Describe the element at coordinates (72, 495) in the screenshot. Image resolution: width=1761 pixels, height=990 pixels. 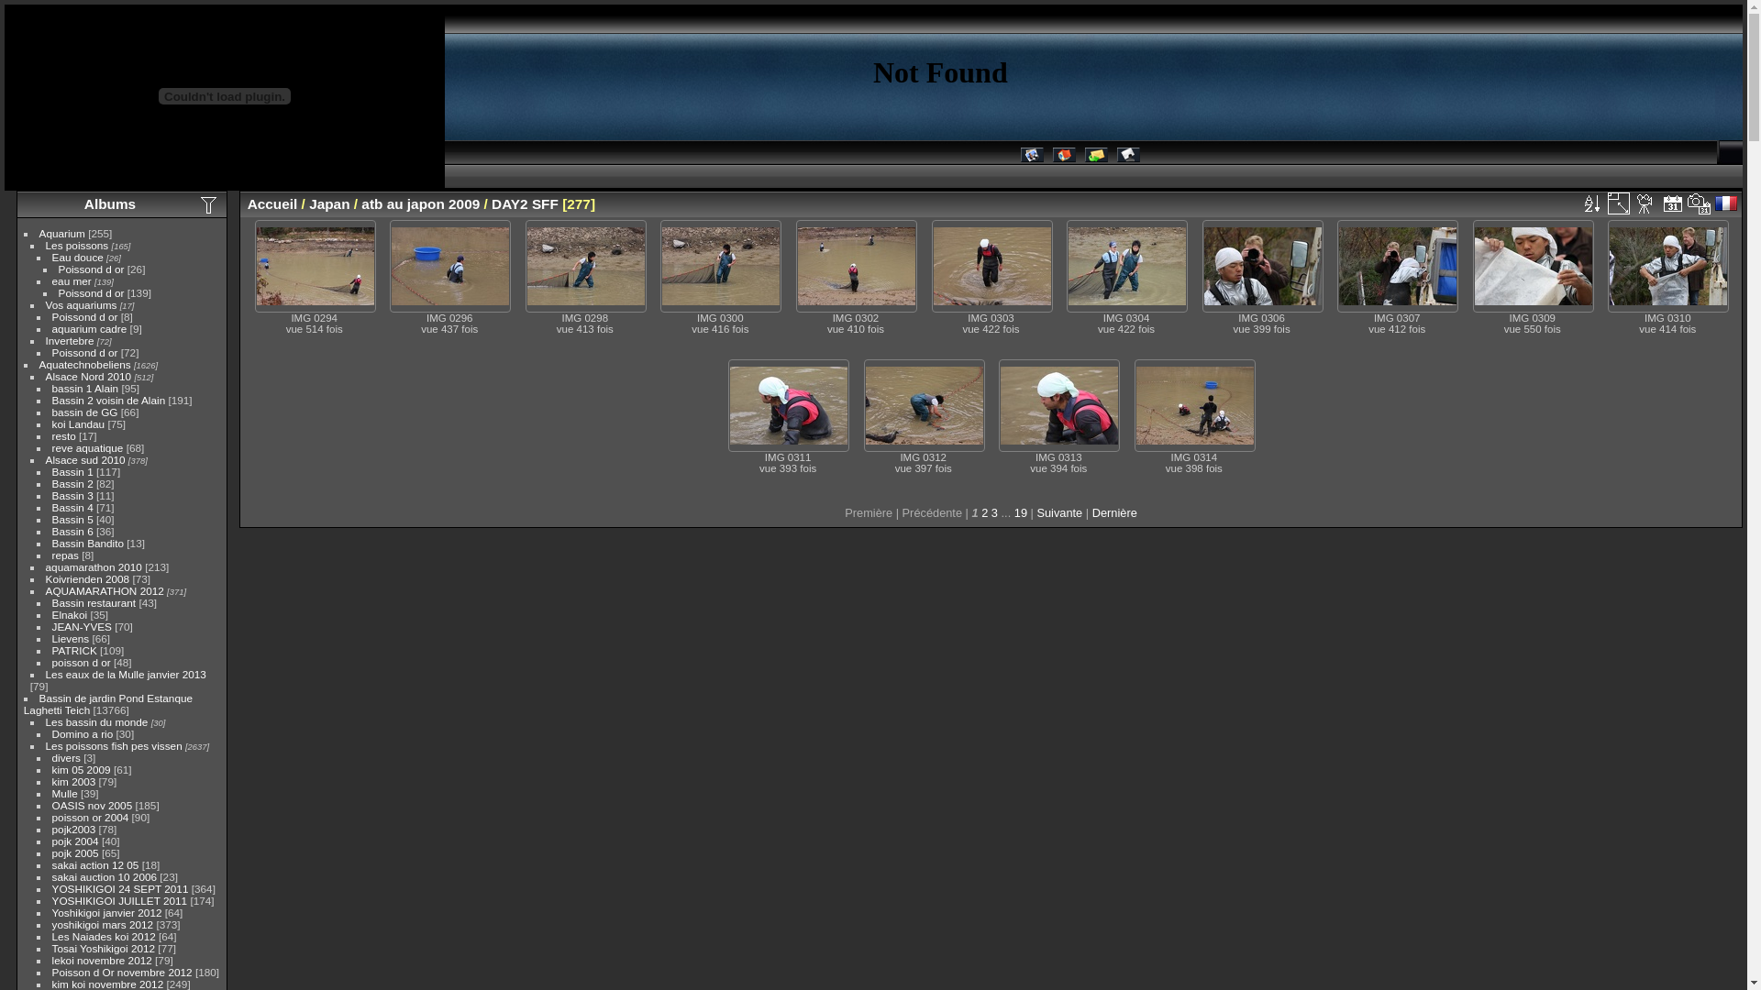
I see `'Bassin 3'` at that location.